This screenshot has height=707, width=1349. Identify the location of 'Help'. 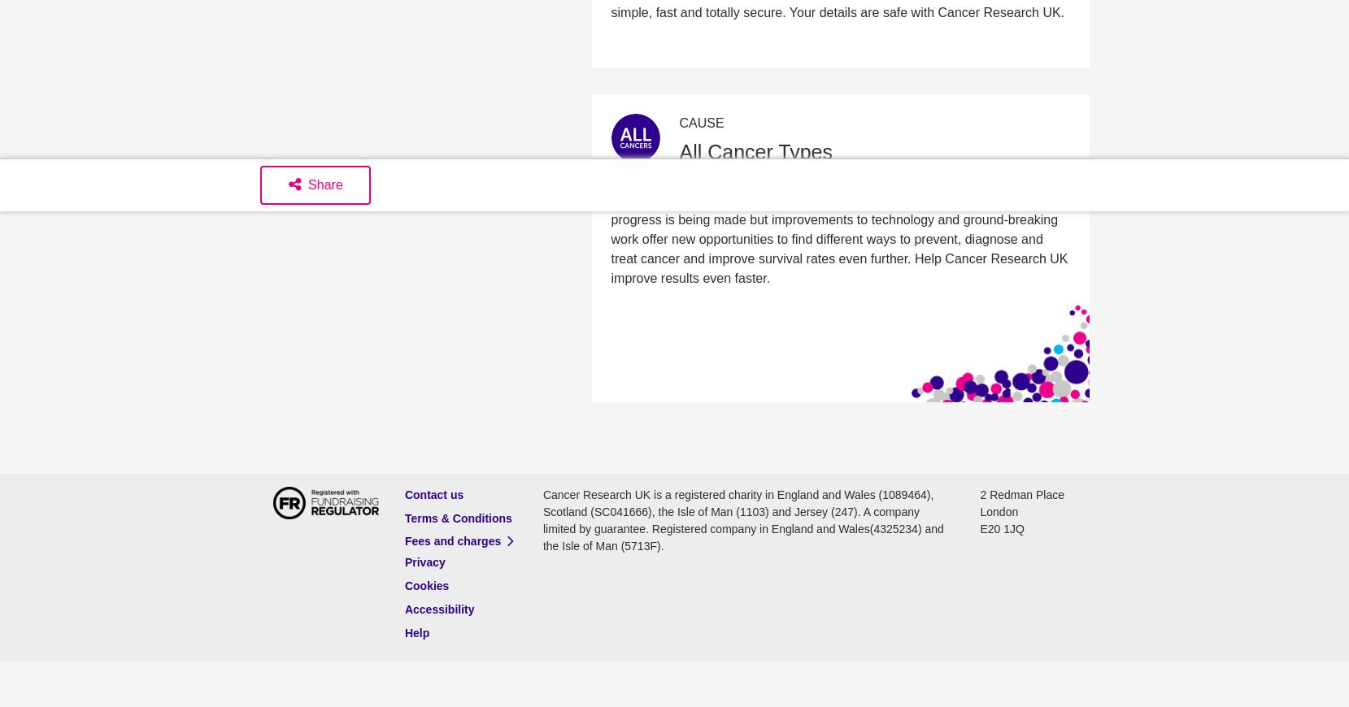
(403, 632).